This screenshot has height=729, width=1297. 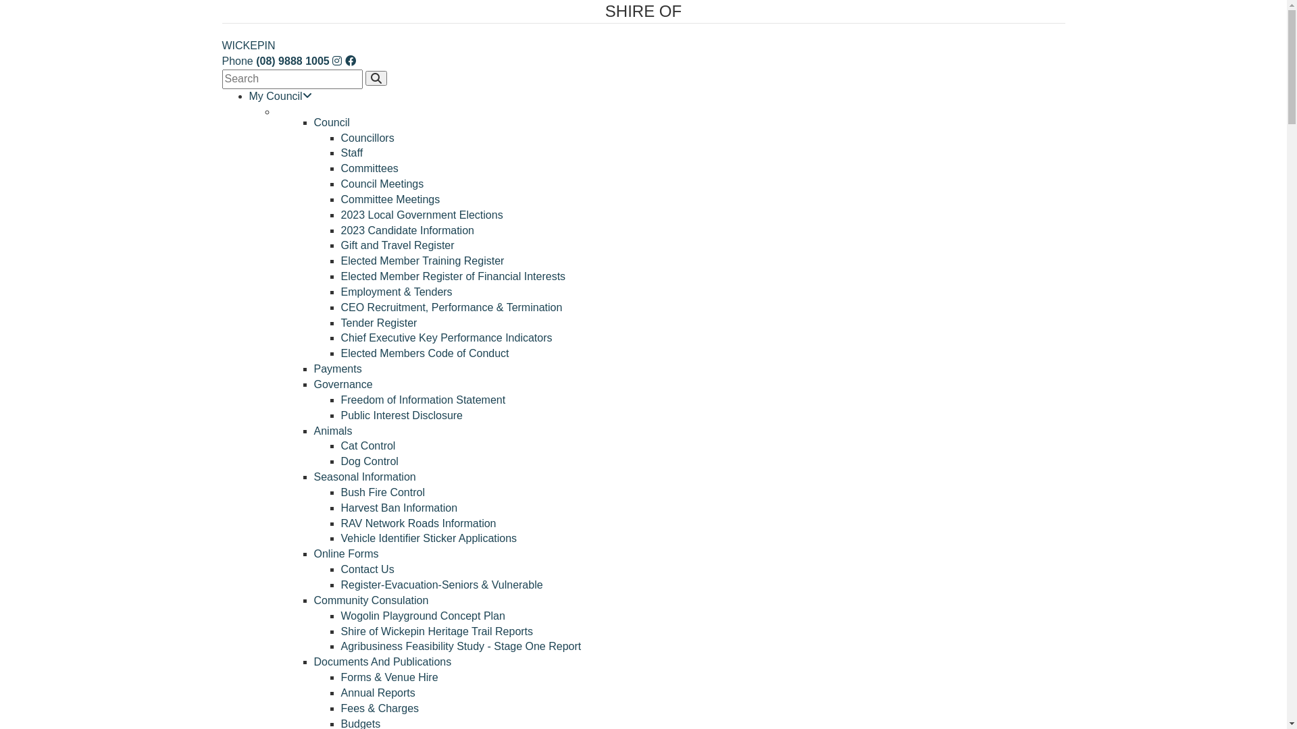 What do you see at coordinates (340, 446) in the screenshot?
I see `'Cat Control'` at bounding box center [340, 446].